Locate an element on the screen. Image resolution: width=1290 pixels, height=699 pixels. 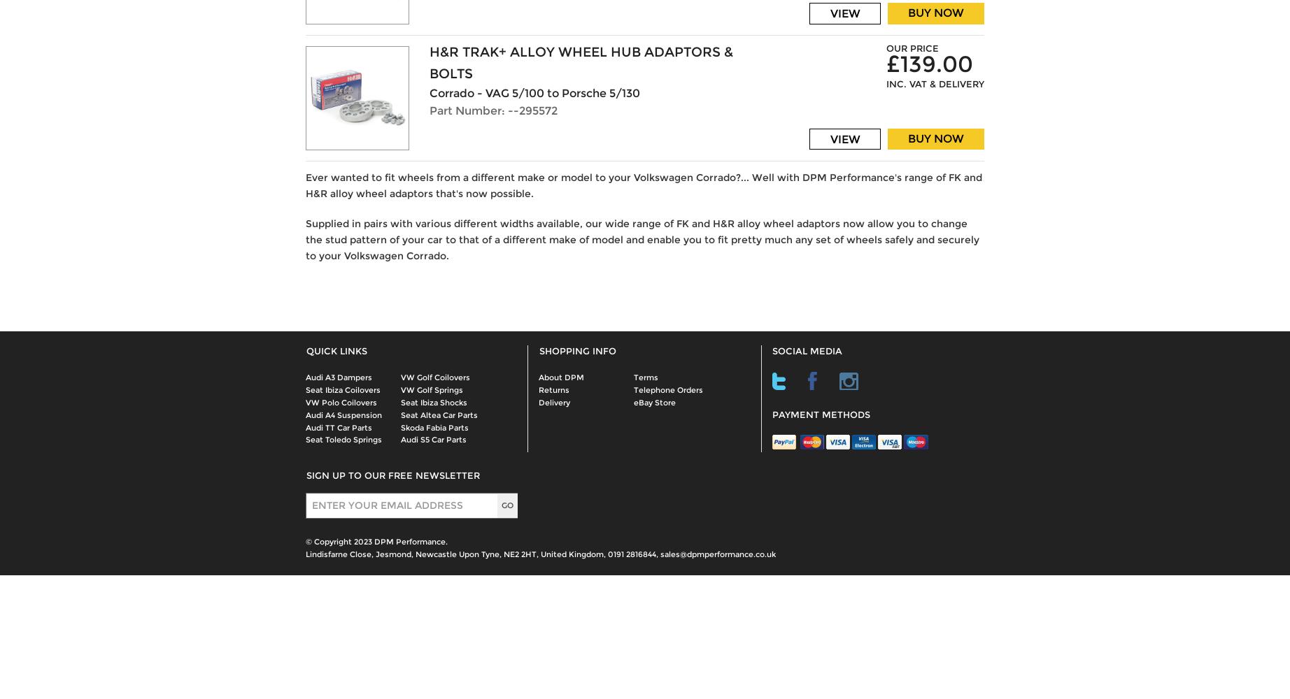
'Audi A4 Suspension' is located at coordinates (343, 414).